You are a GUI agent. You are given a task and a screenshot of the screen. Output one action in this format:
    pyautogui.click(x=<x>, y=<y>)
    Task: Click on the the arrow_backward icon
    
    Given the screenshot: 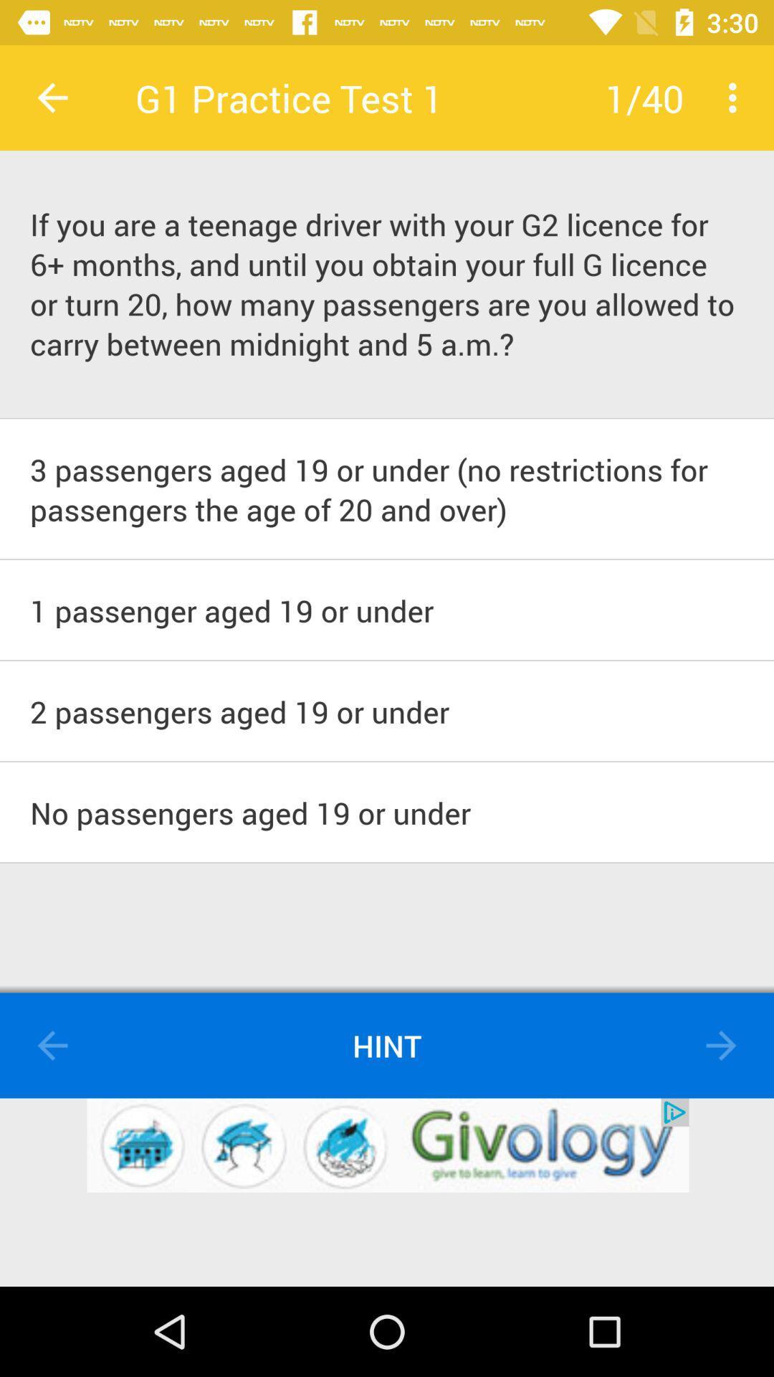 What is the action you would take?
    pyautogui.click(x=52, y=1046)
    